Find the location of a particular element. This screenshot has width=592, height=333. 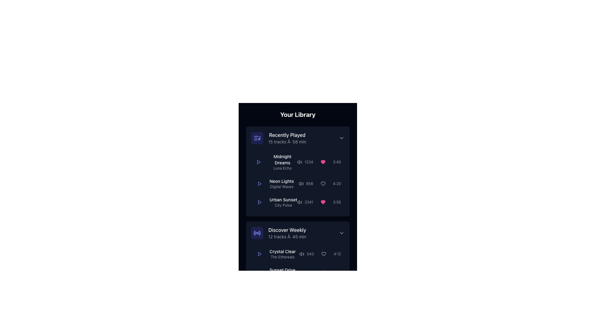

text from the label displaying 'Neon Lights' and 'Digital Waves', which is the second item in the 'Recently Played' section of the list is located at coordinates (274, 183).